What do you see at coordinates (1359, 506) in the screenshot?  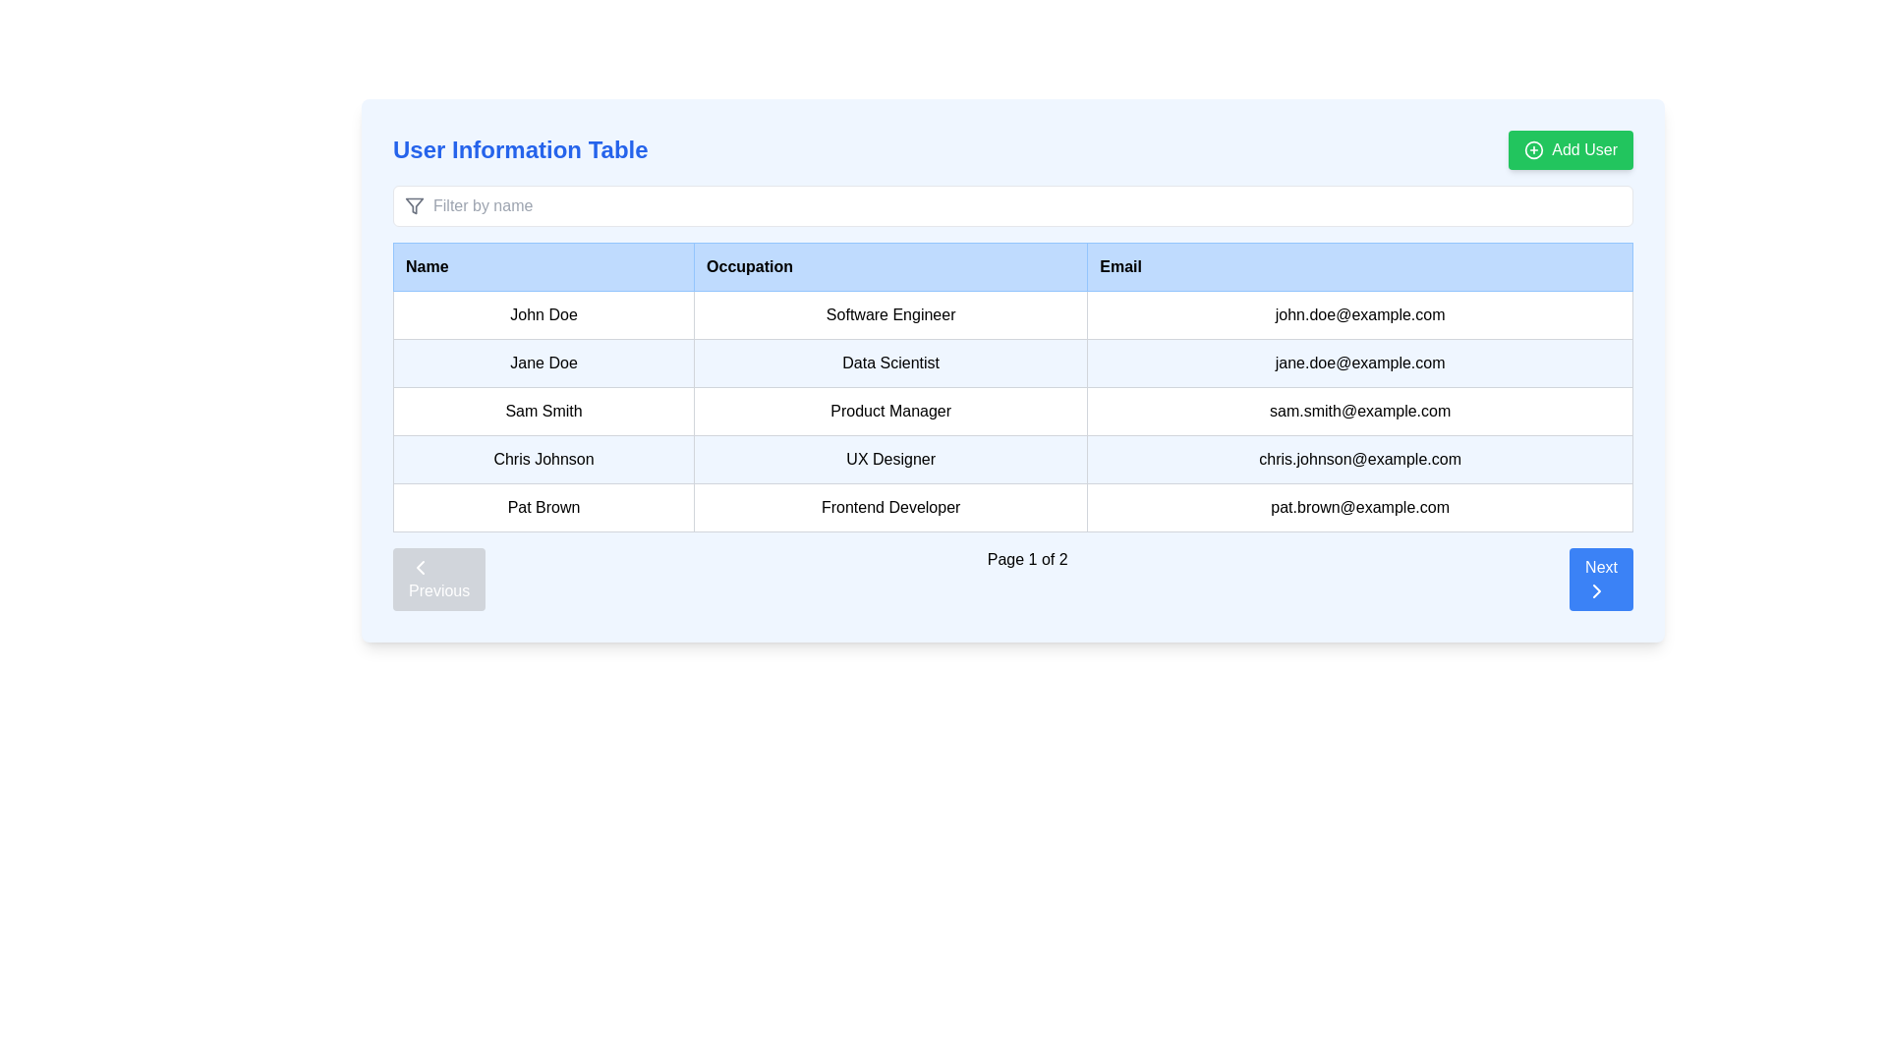 I see `the text label displaying the email address 'pat.brown@example.com', which is located in the last row of the 'User Information Table' in the 'Email' column` at bounding box center [1359, 506].